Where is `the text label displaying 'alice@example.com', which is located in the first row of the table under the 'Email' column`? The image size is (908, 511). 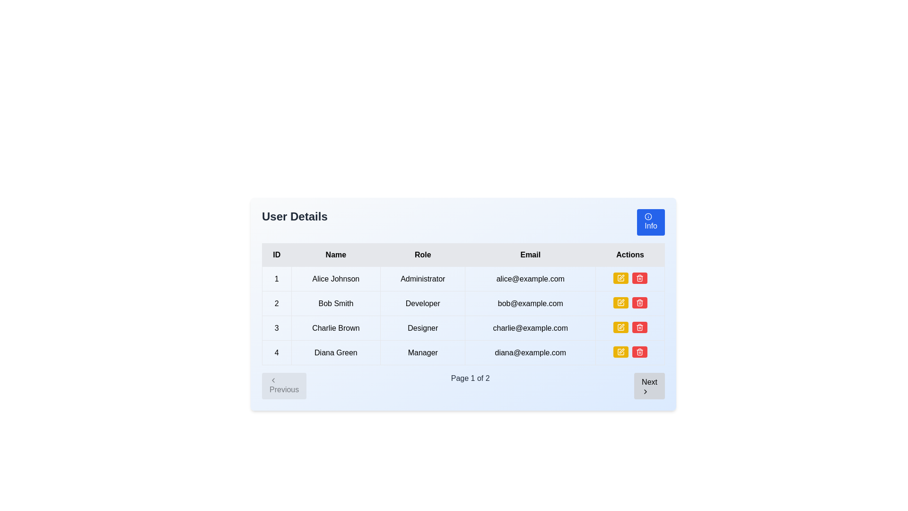 the text label displaying 'alice@example.com', which is located in the first row of the table under the 'Email' column is located at coordinates (530, 278).